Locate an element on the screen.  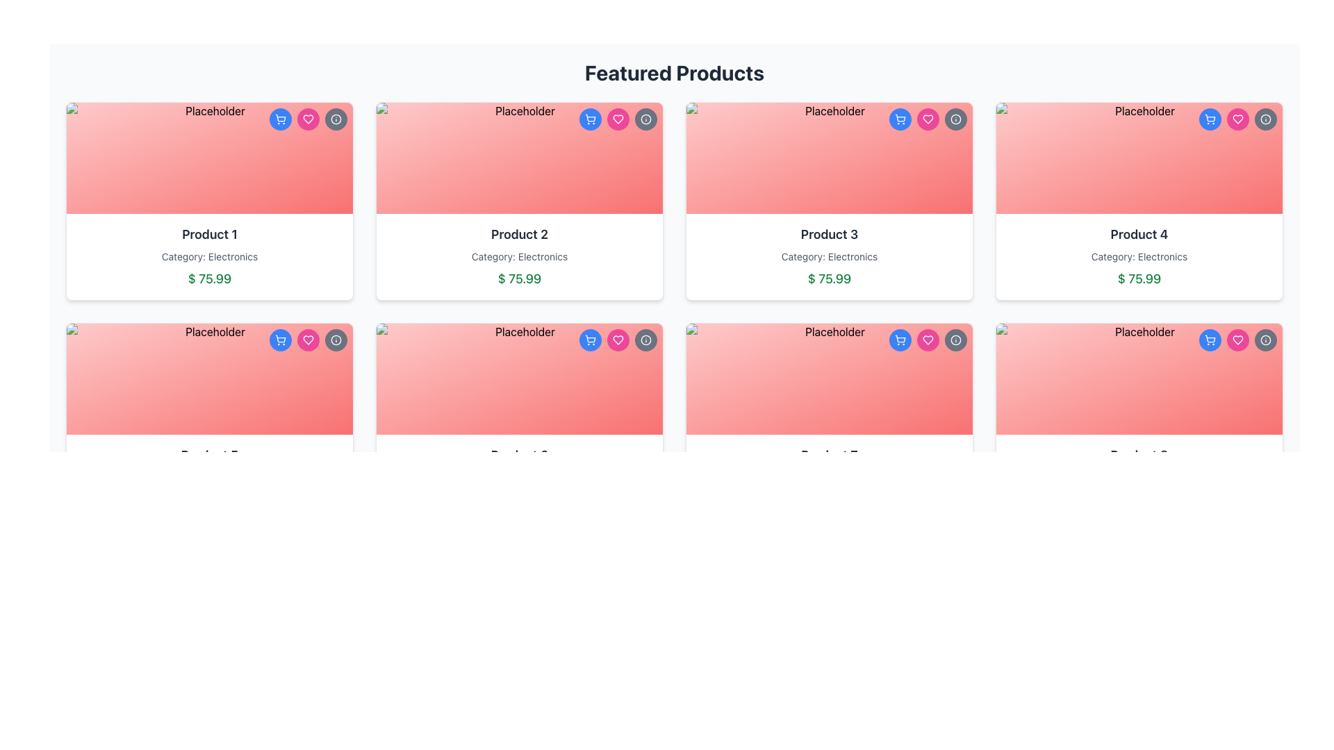
the 'favorite' button located at the top-right corner of the 'Product 1' panel to mark the associated product as a favorite is located at coordinates (308, 119).